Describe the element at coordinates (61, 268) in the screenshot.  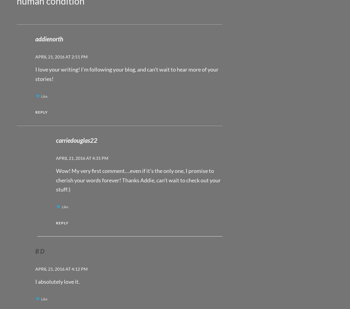
I see `'April 21, 2016 at 4:12 pm'` at that location.